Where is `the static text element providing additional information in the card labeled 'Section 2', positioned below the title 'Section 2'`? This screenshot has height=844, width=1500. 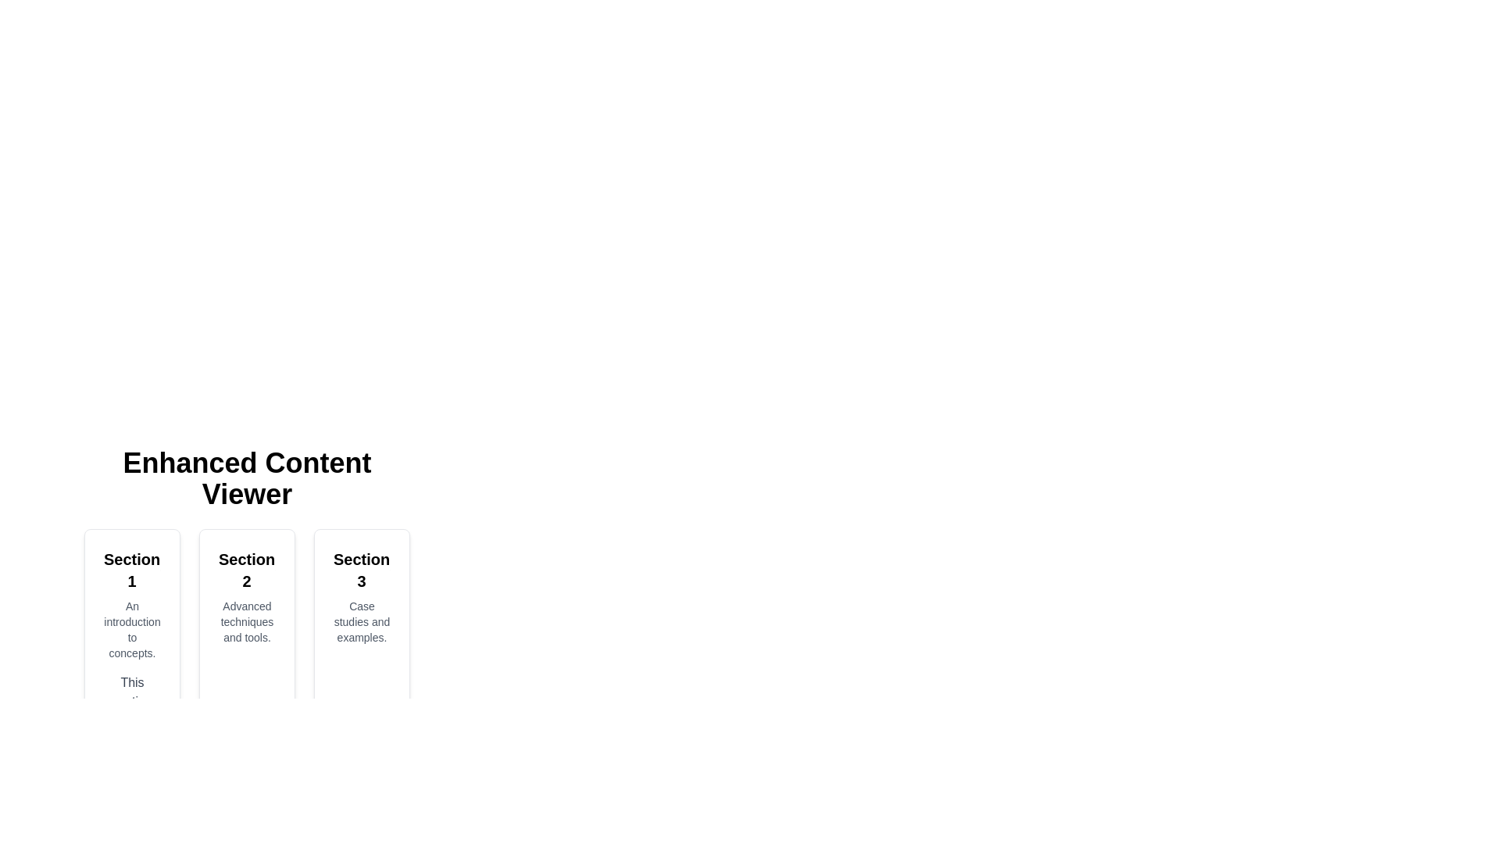
the static text element providing additional information in the card labeled 'Section 2', positioned below the title 'Section 2' is located at coordinates (246, 620).